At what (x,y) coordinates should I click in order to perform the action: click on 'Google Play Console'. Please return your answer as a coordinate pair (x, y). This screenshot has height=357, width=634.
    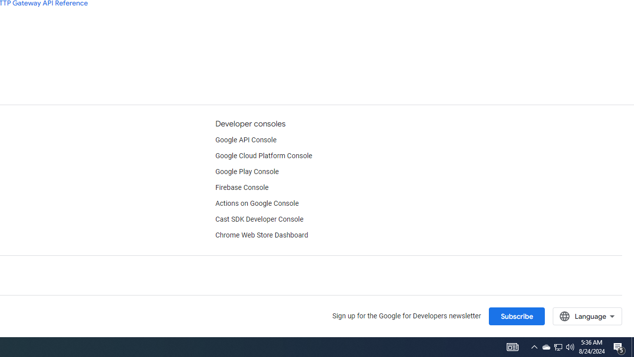
    Looking at the image, I should click on (247, 172).